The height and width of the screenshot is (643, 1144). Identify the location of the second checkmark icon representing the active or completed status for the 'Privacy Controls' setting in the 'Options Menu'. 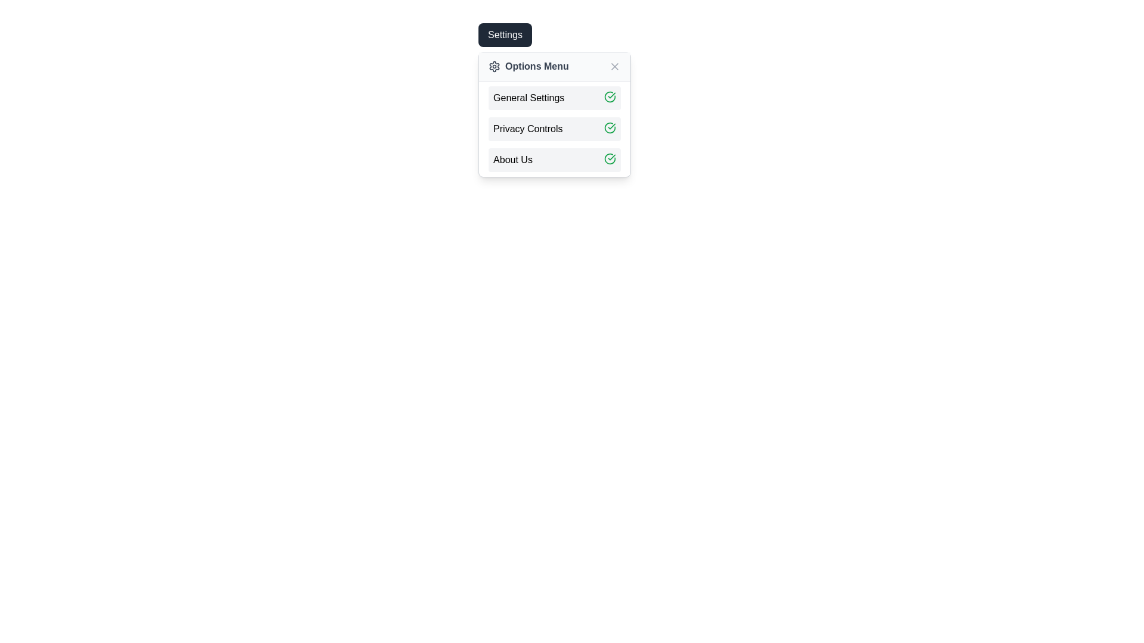
(610, 128).